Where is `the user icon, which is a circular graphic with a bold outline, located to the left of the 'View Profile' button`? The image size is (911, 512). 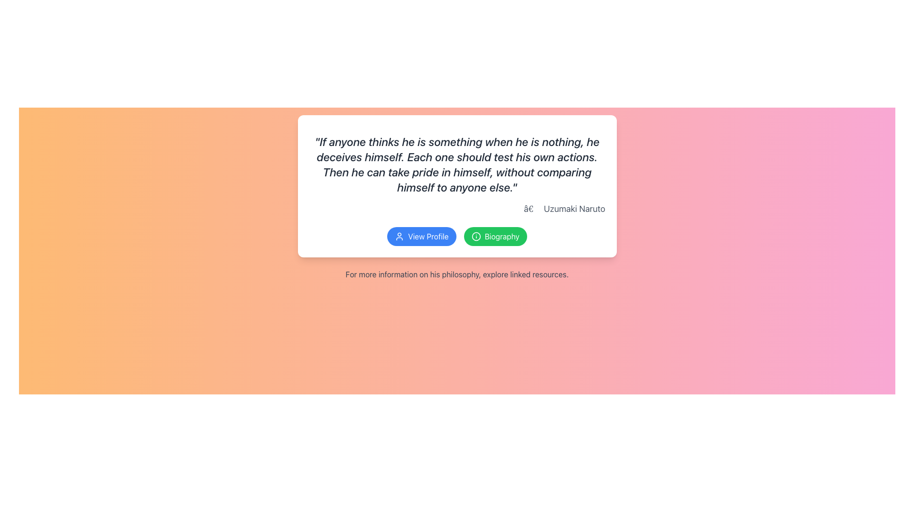
the user icon, which is a circular graphic with a bold outline, located to the left of the 'View Profile' button is located at coordinates (400, 236).